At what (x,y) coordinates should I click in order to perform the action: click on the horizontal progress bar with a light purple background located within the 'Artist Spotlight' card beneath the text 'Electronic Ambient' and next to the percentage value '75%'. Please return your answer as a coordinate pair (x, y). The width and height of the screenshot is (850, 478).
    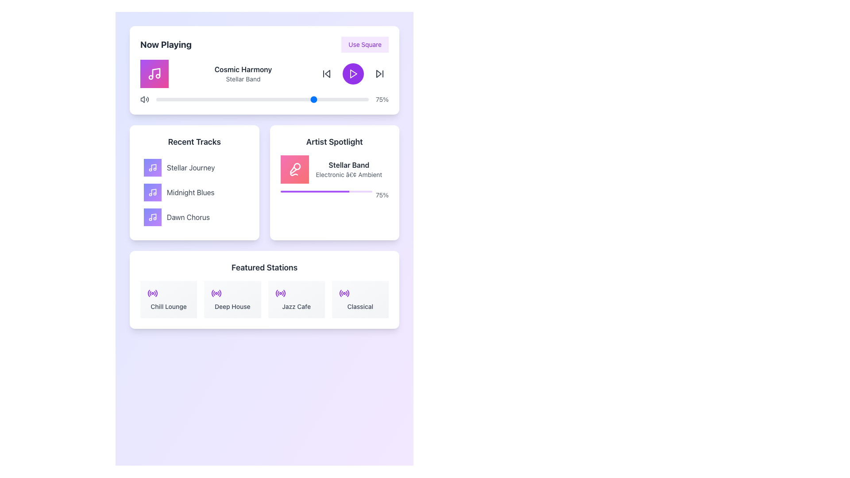
    Looking at the image, I should click on (326, 191).